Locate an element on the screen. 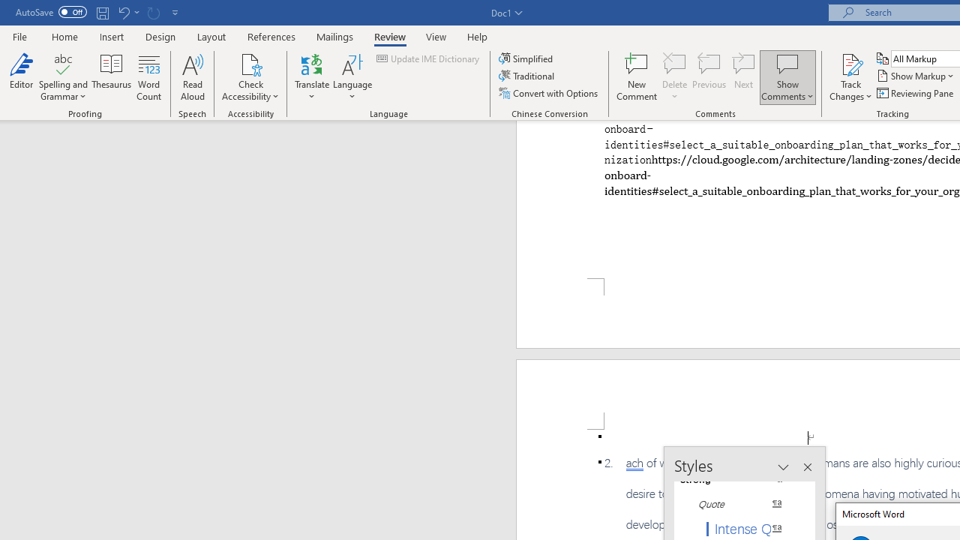 This screenshot has height=540, width=960. 'Show Comments' is located at coordinates (787, 63).